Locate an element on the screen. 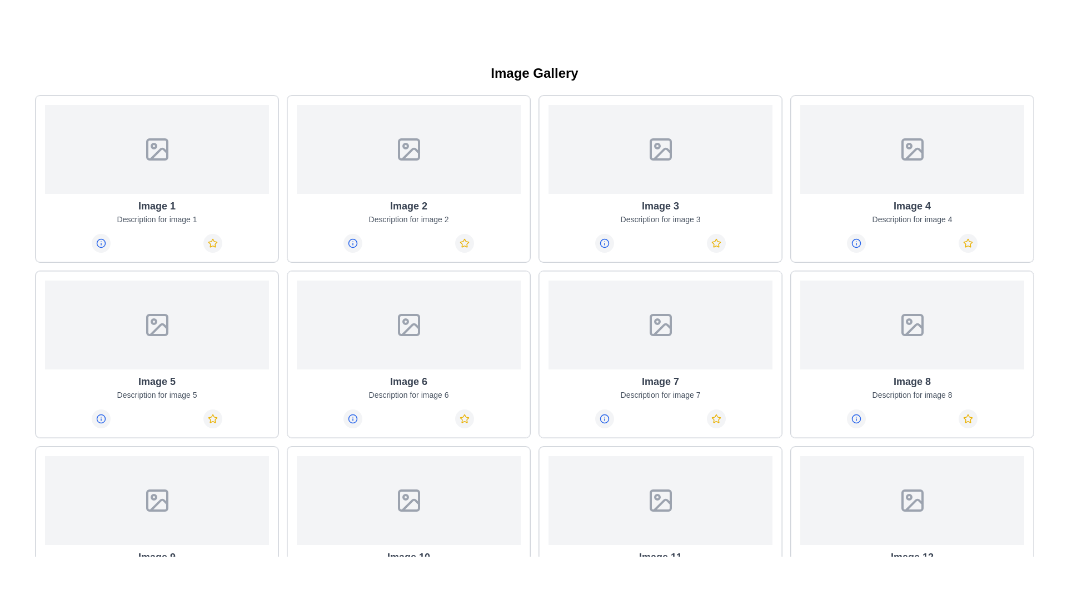 The image size is (1067, 600). the circular information button with a light gray background and blue border located in the 'Image 2' card, positioned at the bottom-left part of the card is located at coordinates (352, 243).